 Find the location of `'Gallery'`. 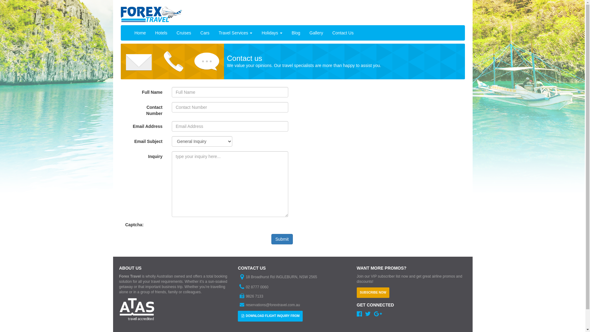

'Gallery' is located at coordinates (316, 33).